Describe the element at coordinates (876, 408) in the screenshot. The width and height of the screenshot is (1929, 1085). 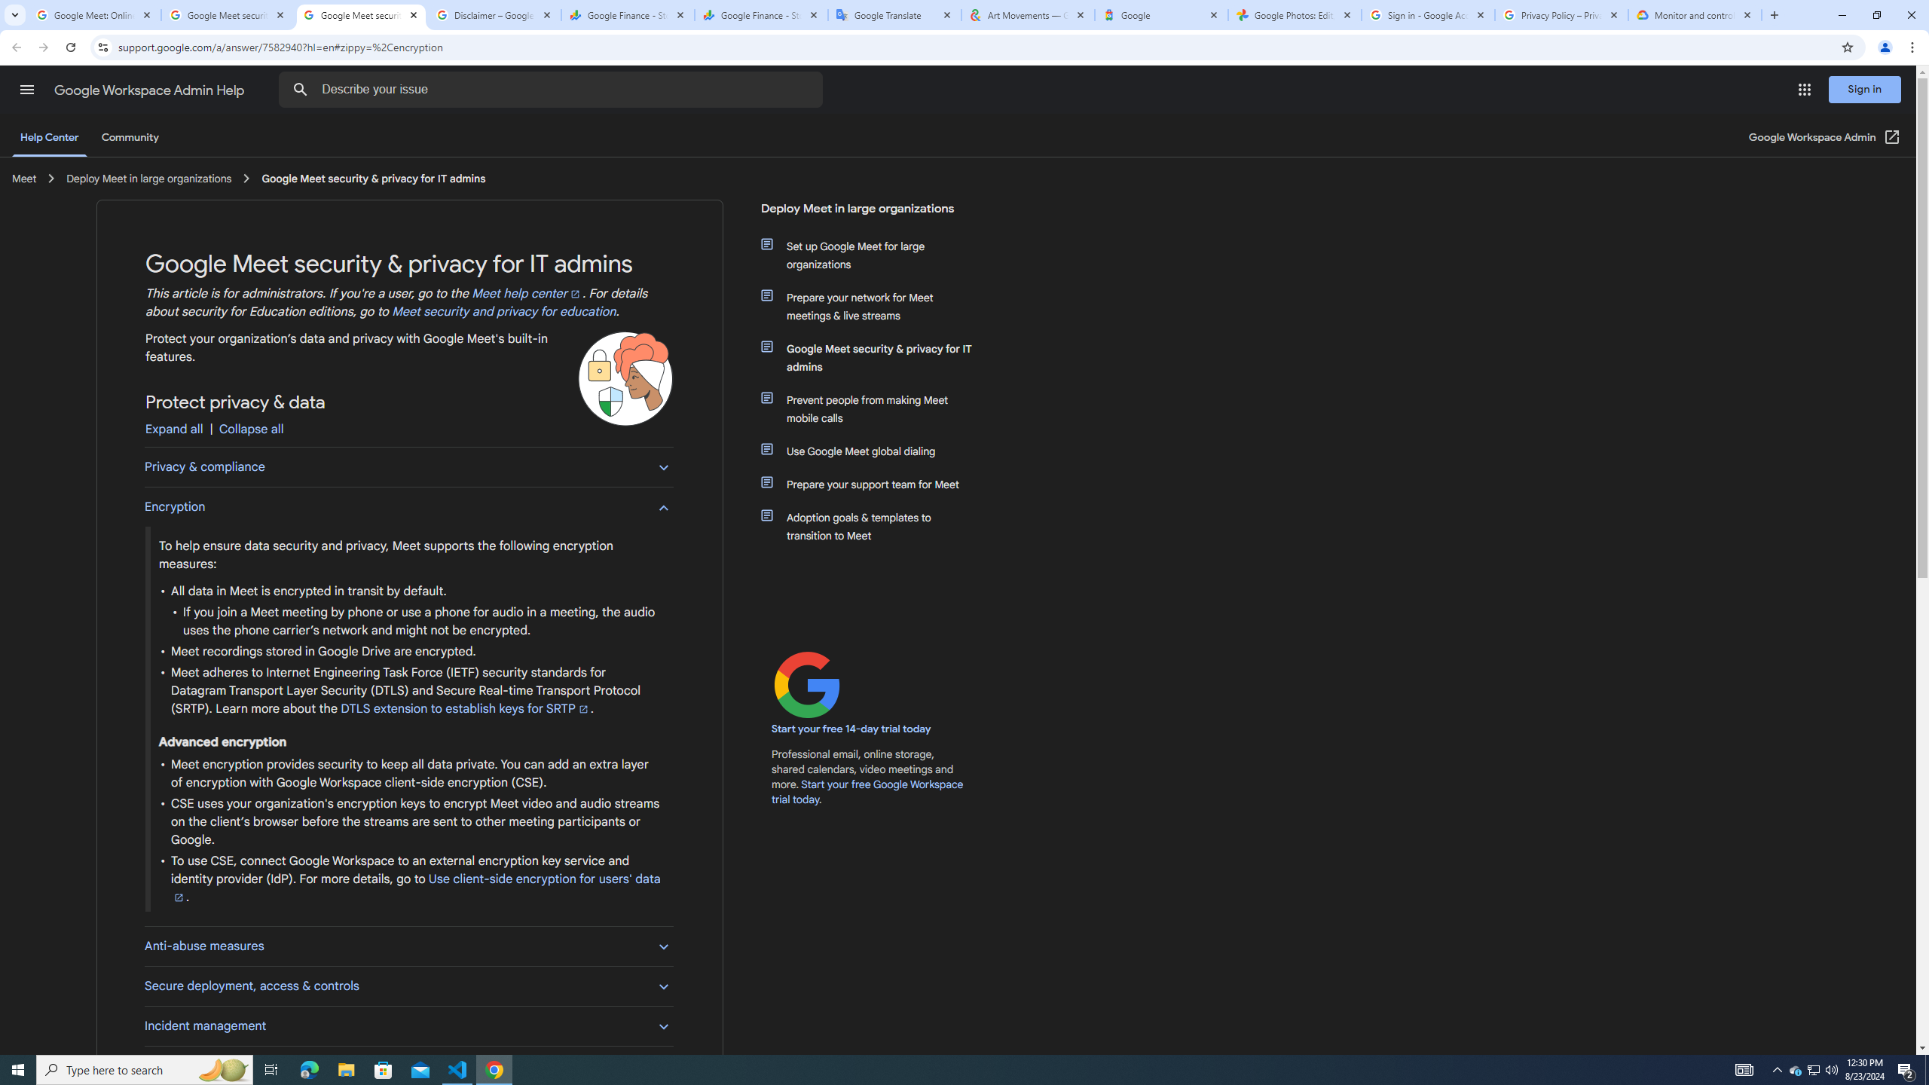
I see `'Prevent people from making Meet mobile calls'` at that location.